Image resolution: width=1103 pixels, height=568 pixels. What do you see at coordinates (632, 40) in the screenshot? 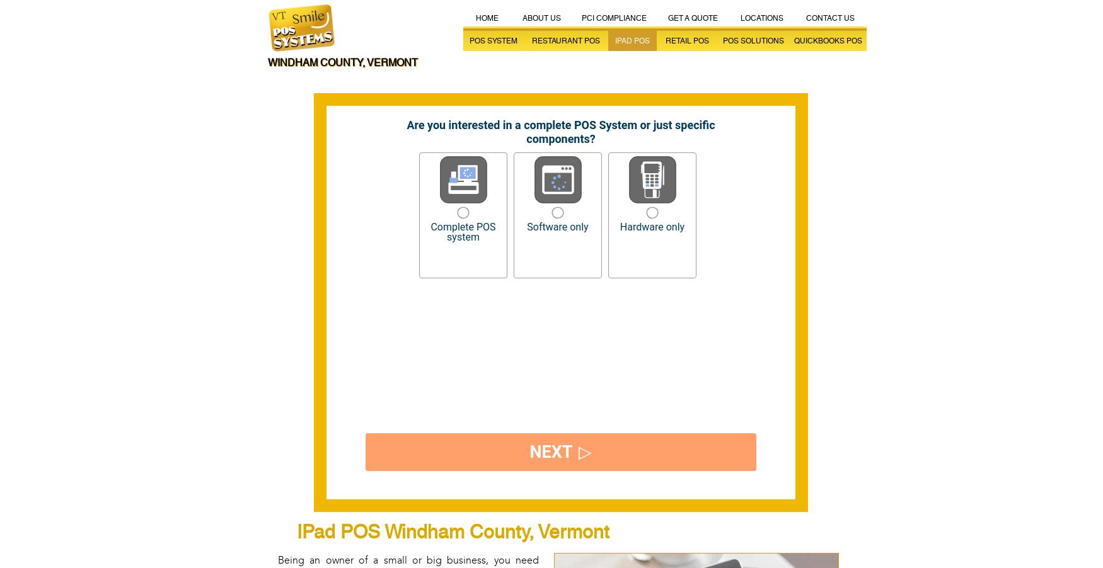
I see `'iPad POS'` at bounding box center [632, 40].